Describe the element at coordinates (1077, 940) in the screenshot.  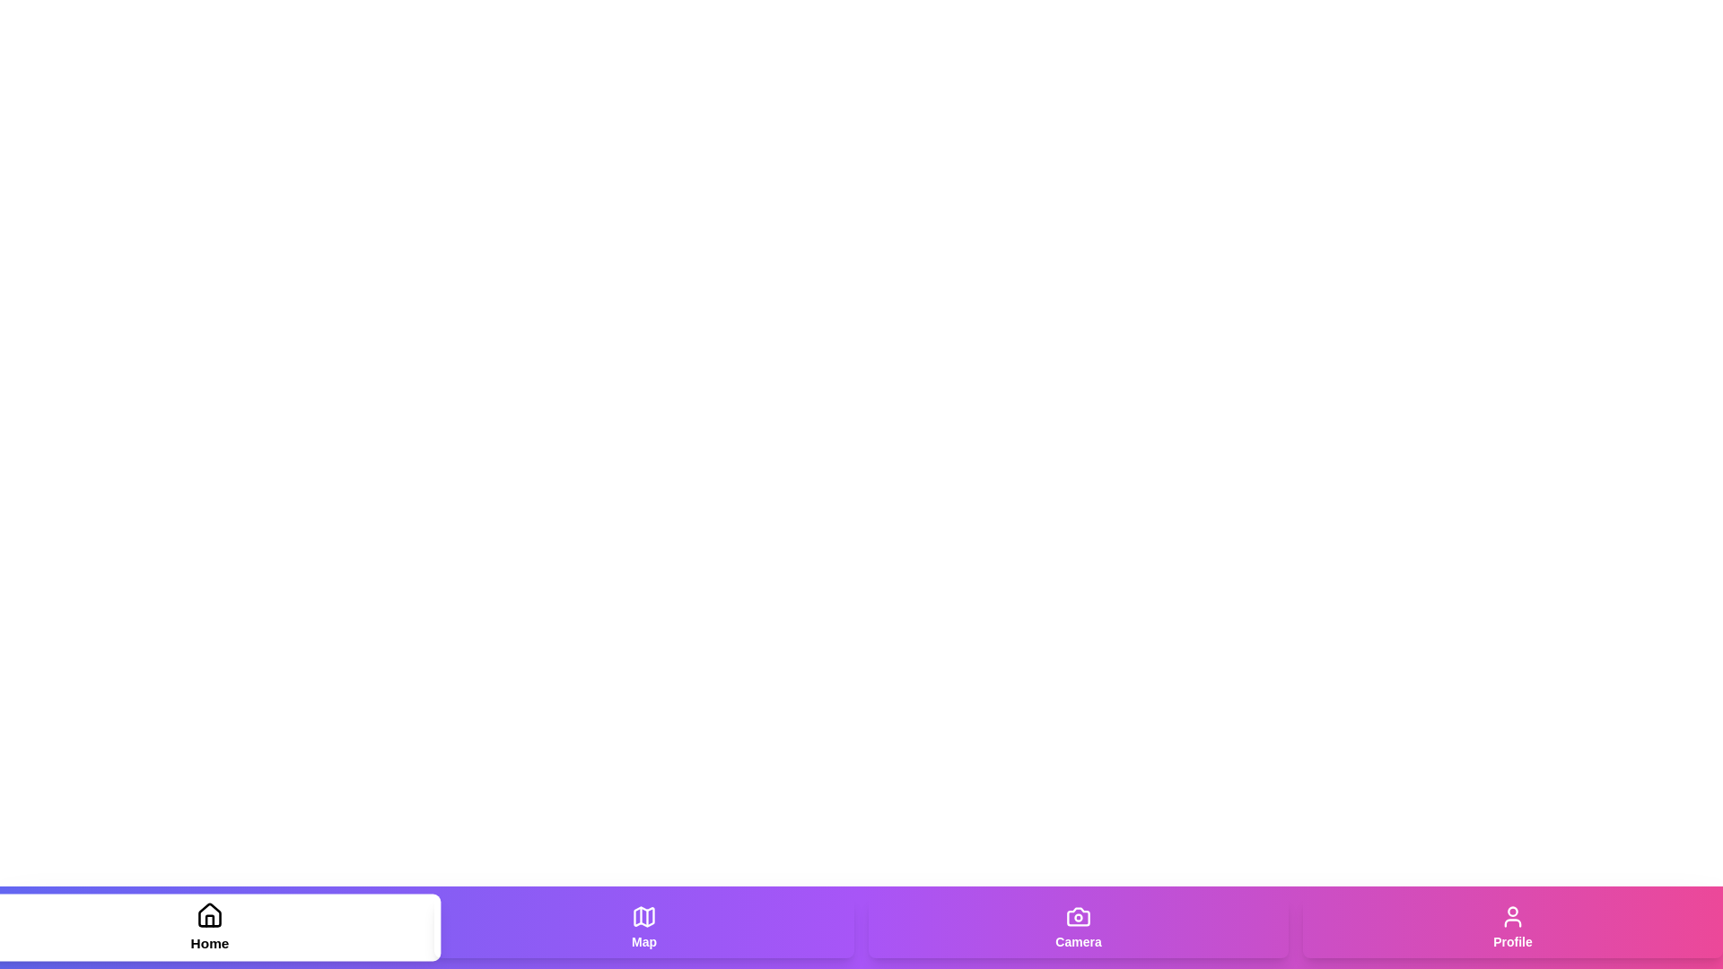
I see `the text label of the tab Camera` at that location.